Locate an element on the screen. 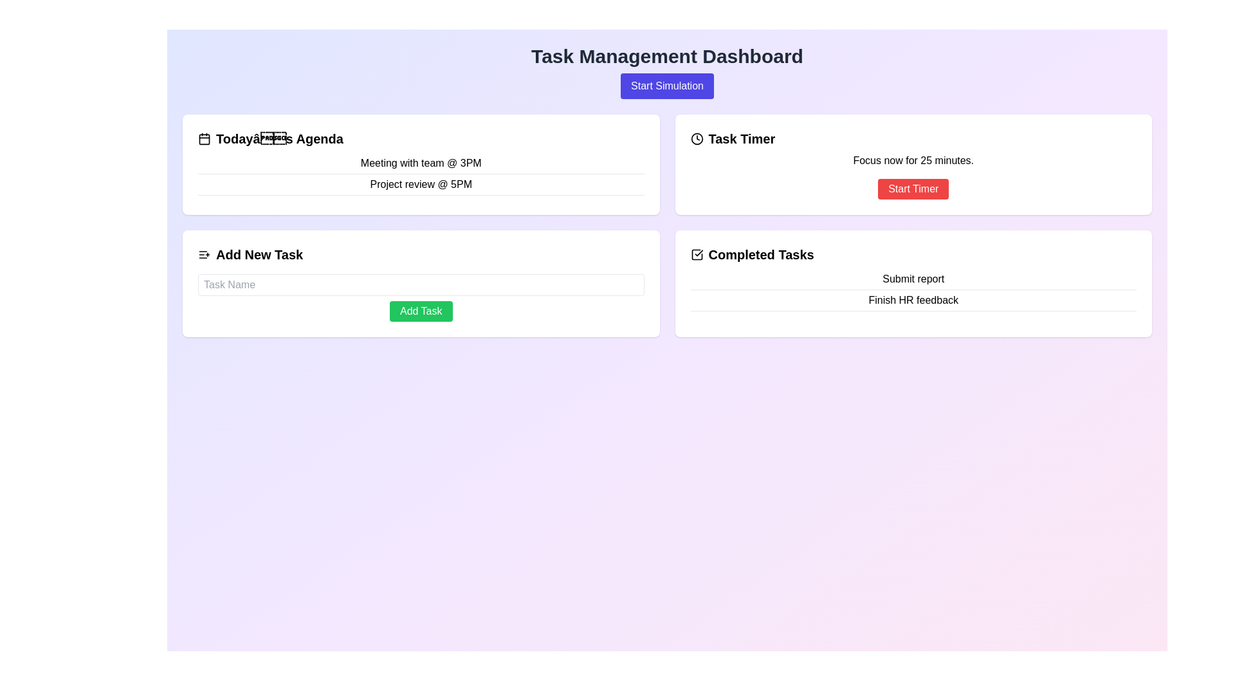 Image resolution: width=1235 pixels, height=695 pixels. title and instructions of the 'Task Timer' component, which includes a 'Start Timer' button for activating the timer is located at coordinates (913, 163).